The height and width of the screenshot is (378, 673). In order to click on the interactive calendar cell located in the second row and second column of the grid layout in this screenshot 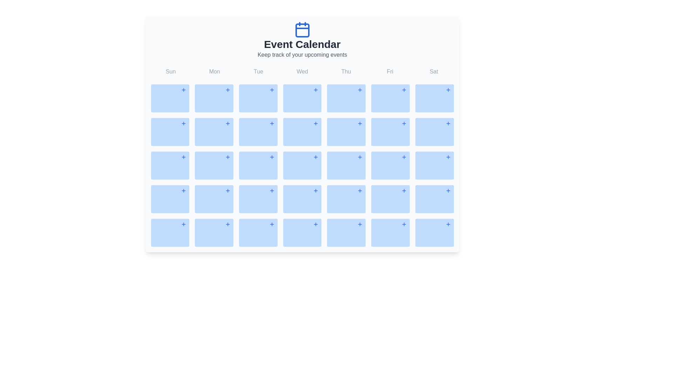, I will do `click(214, 132)`.